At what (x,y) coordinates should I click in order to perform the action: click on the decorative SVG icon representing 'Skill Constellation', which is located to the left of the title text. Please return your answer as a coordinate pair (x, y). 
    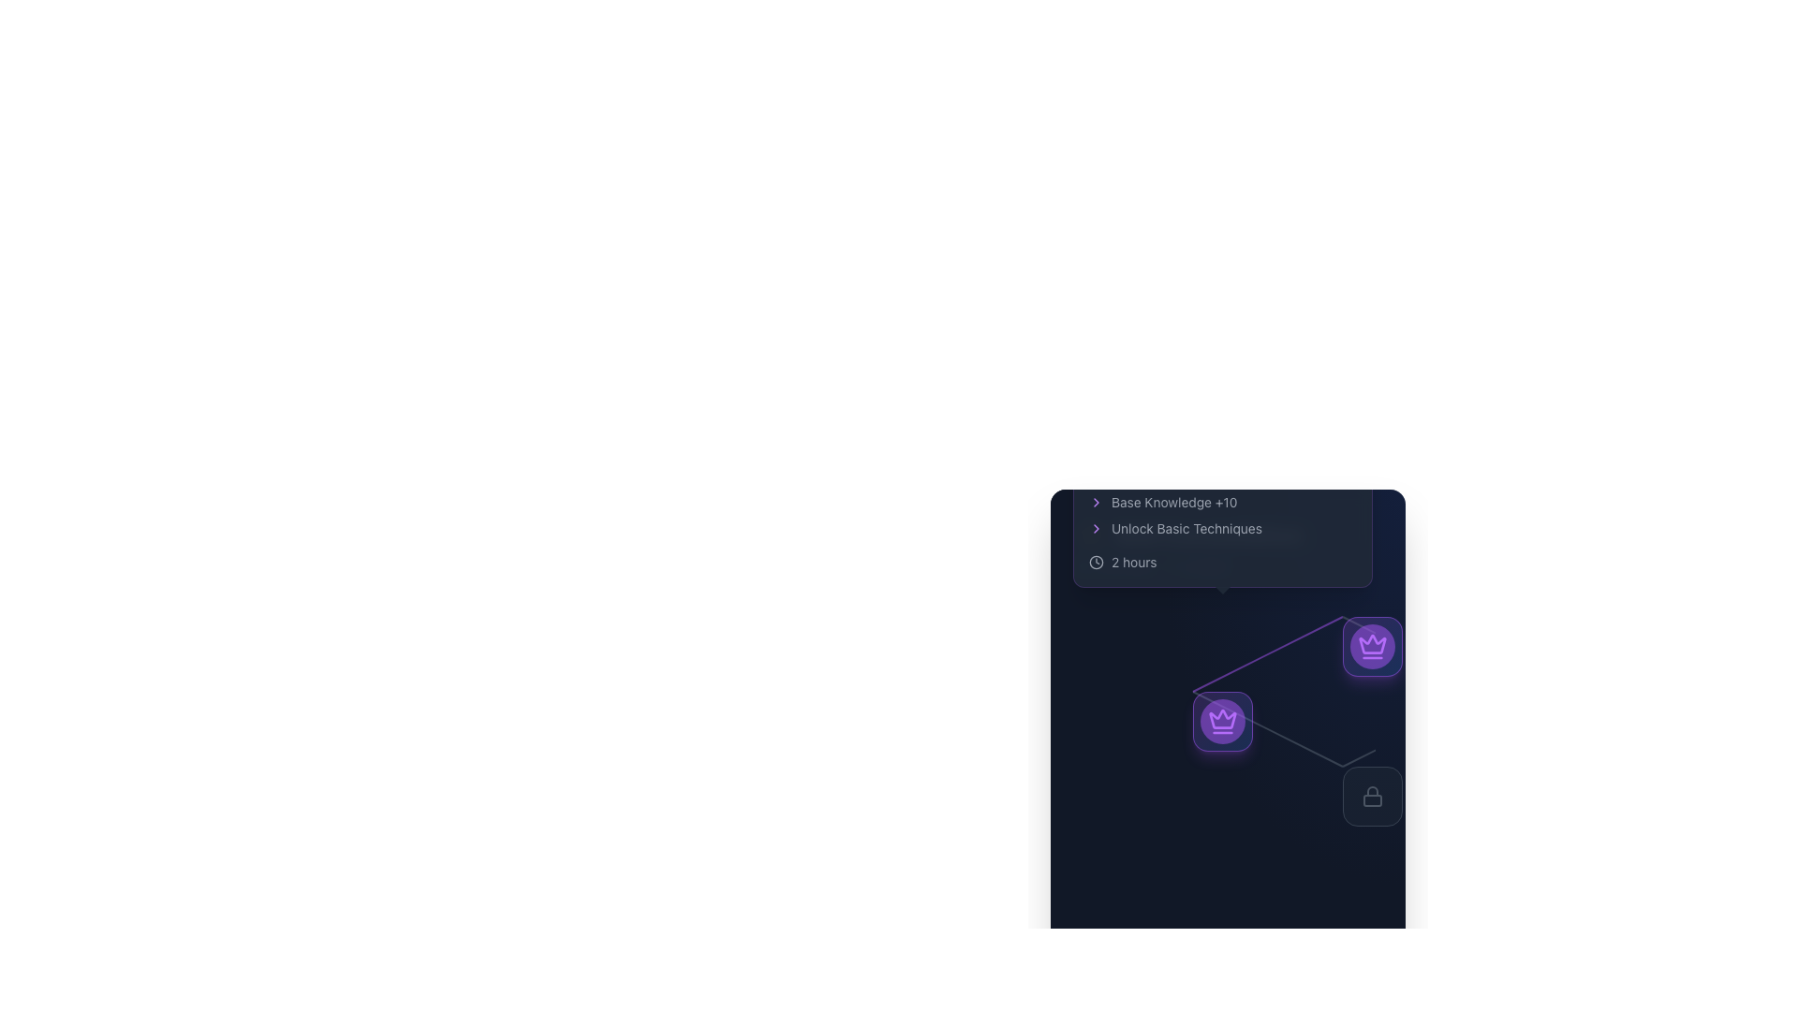
    Looking at the image, I should click on (1092, 534).